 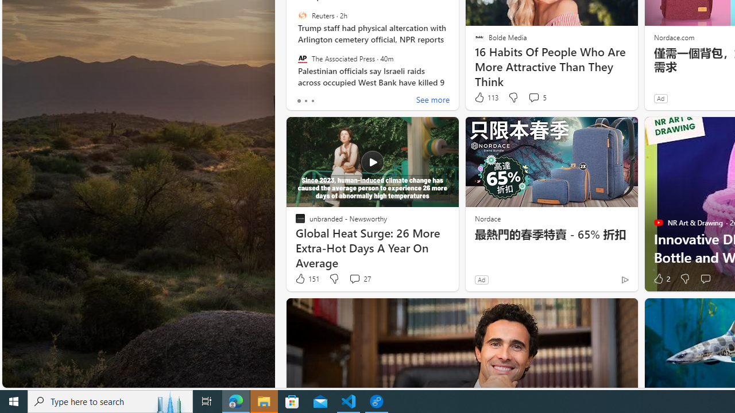 I want to click on 'See more', so click(x=432, y=100).